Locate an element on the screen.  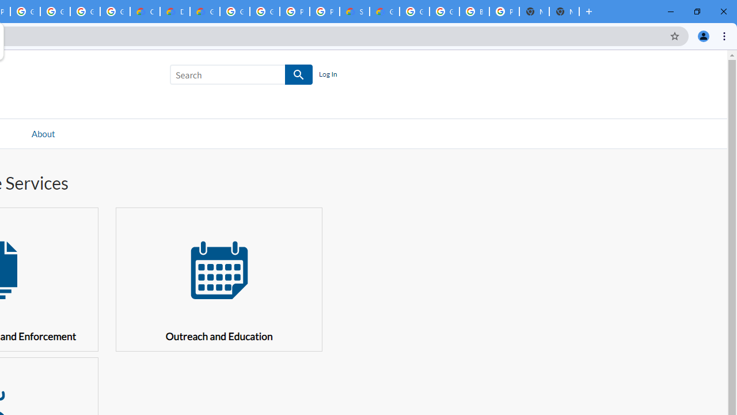
'Log In' is located at coordinates (327, 74).